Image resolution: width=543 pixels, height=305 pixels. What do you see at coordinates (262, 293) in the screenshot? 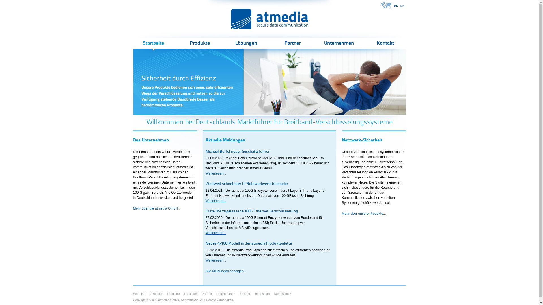
I see `'Impressum'` at bounding box center [262, 293].